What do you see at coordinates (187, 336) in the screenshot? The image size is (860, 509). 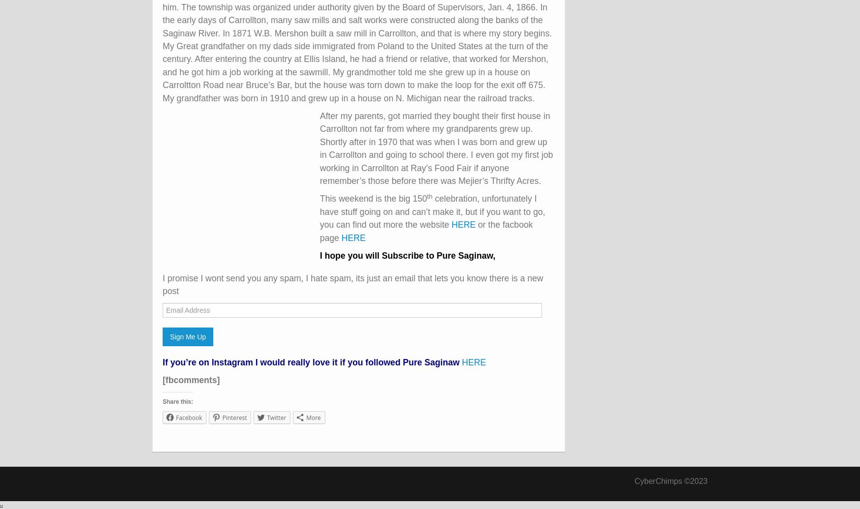 I see `'Sign Me Up'` at bounding box center [187, 336].